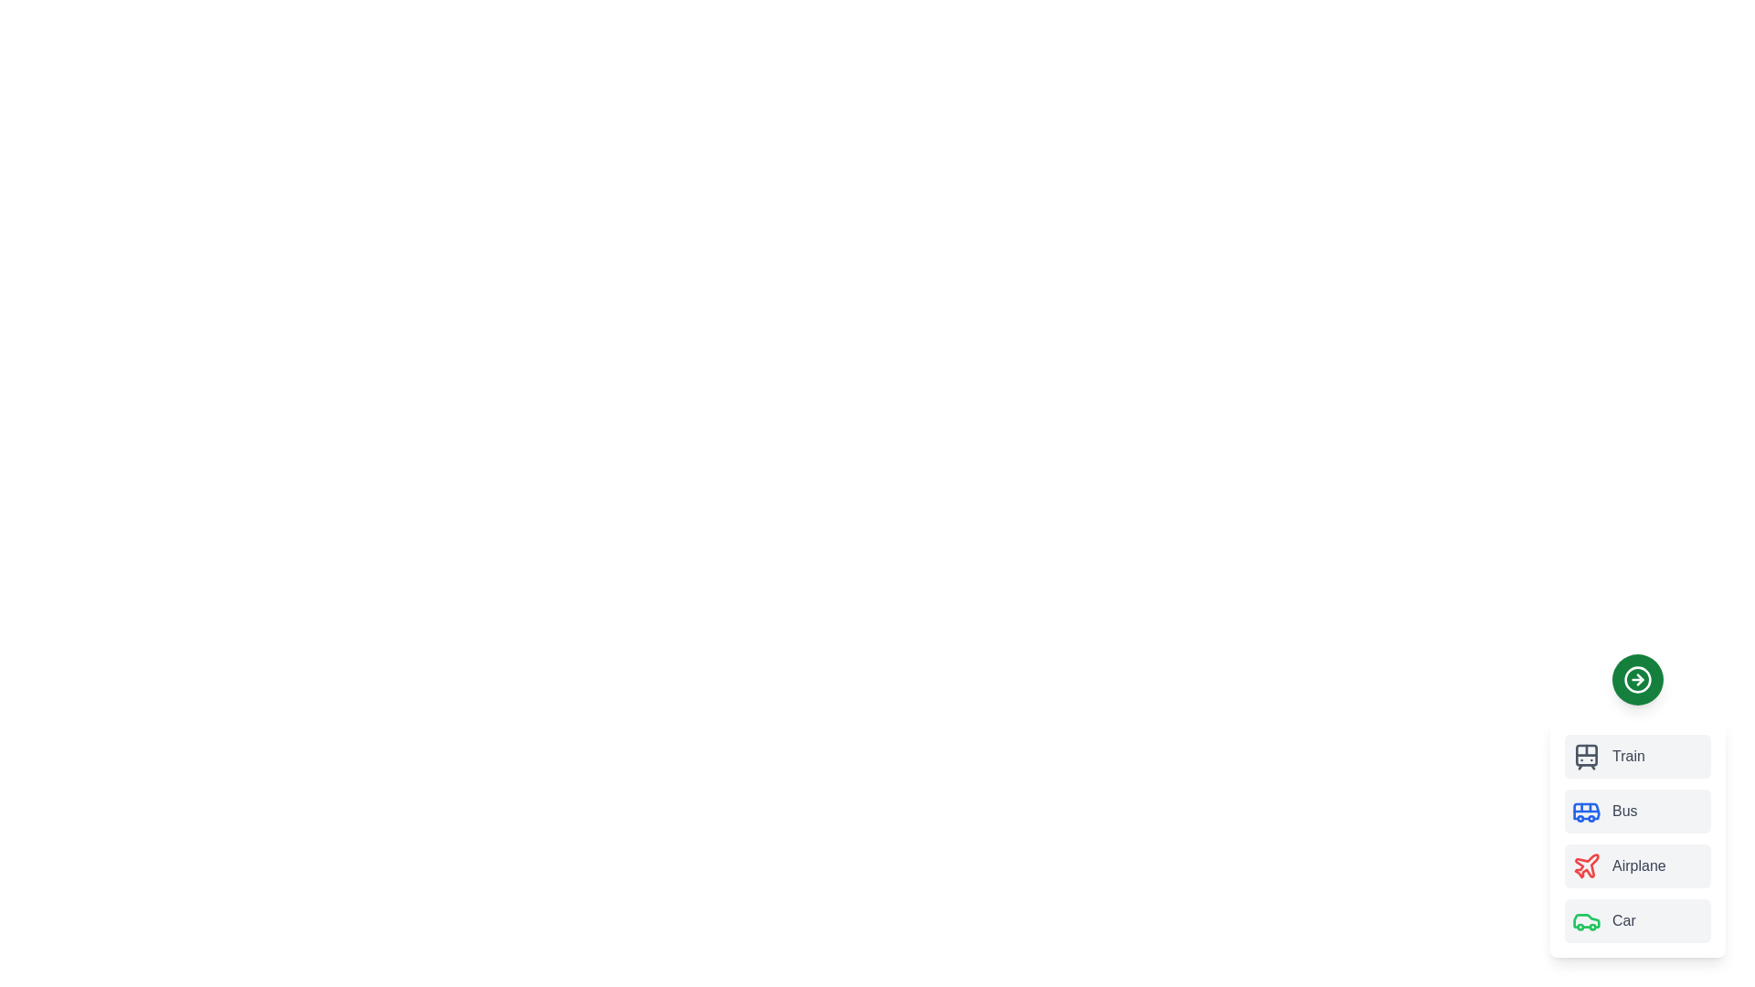 This screenshot has height=987, width=1755. What do you see at coordinates (1637, 810) in the screenshot?
I see `the transport mode Bus by clicking on its corresponding item in the list` at bounding box center [1637, 810].